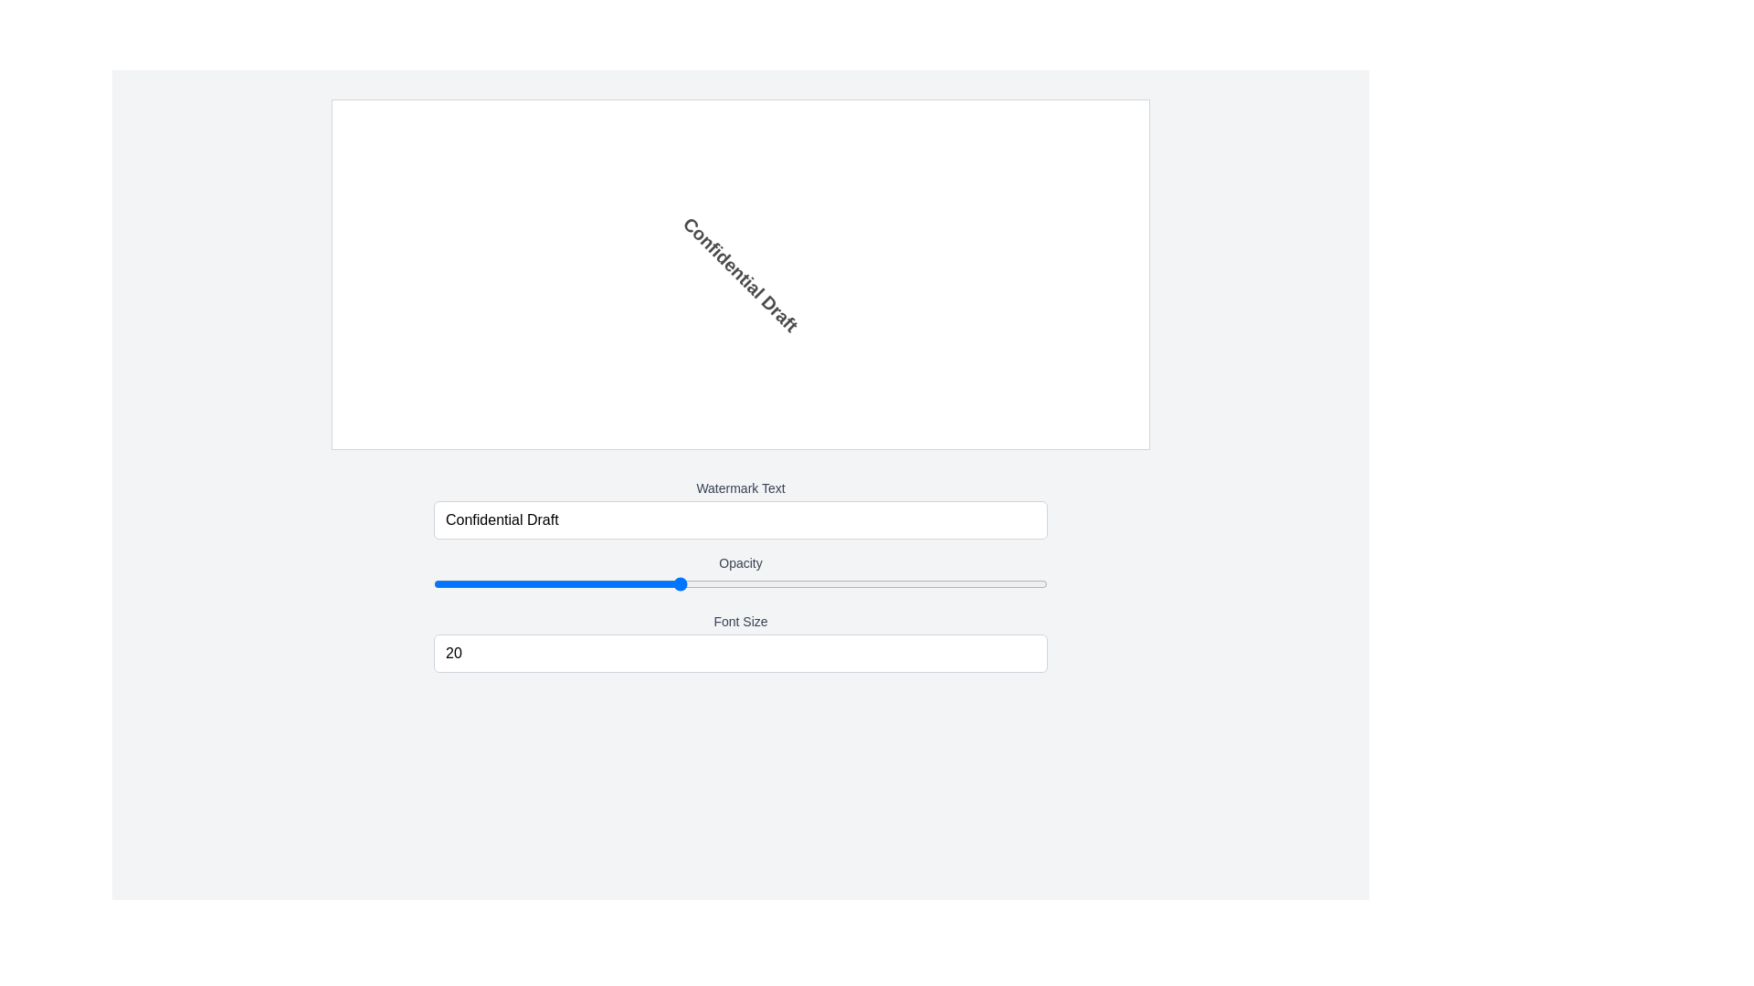 This screenshot has width=1754, height=986. What do you see at coordinates (433, 584) in the screenshot?
I see `opacity` at bounding box center [433, 584].